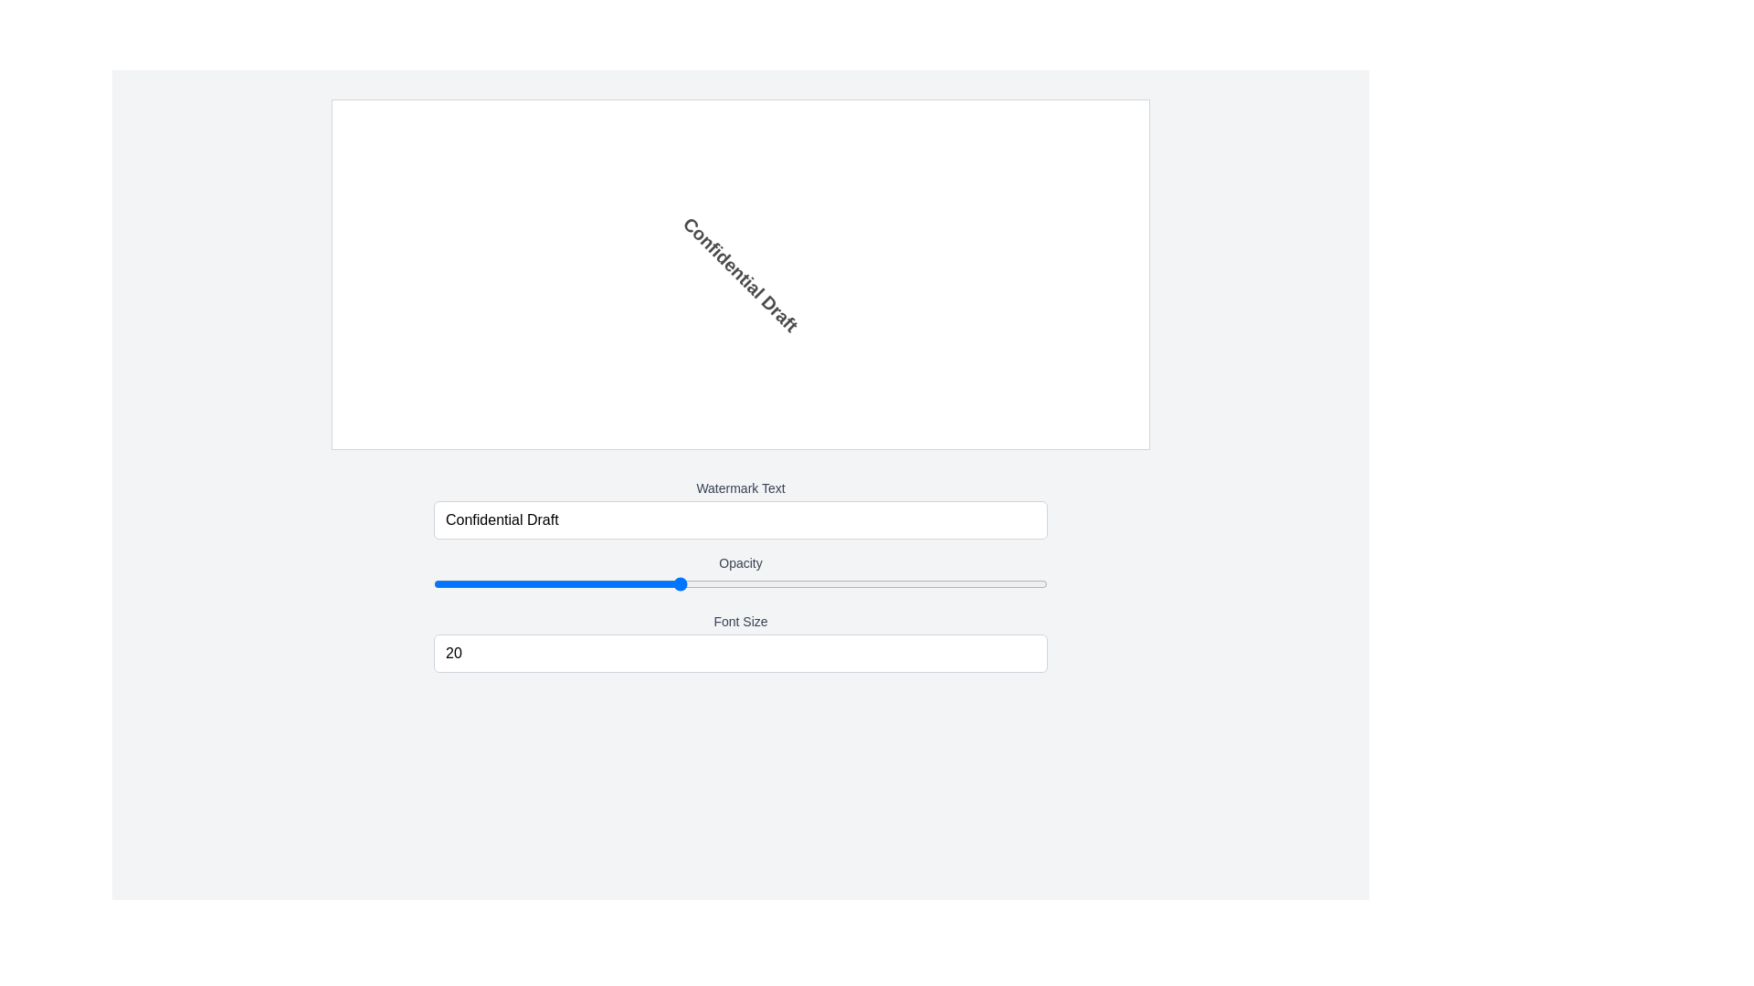 This screenshot has width=1754, height=986. What do you see at coordinates (433, 584) in the screenshot?
I see `opacity` at bounding box center [433, 584].